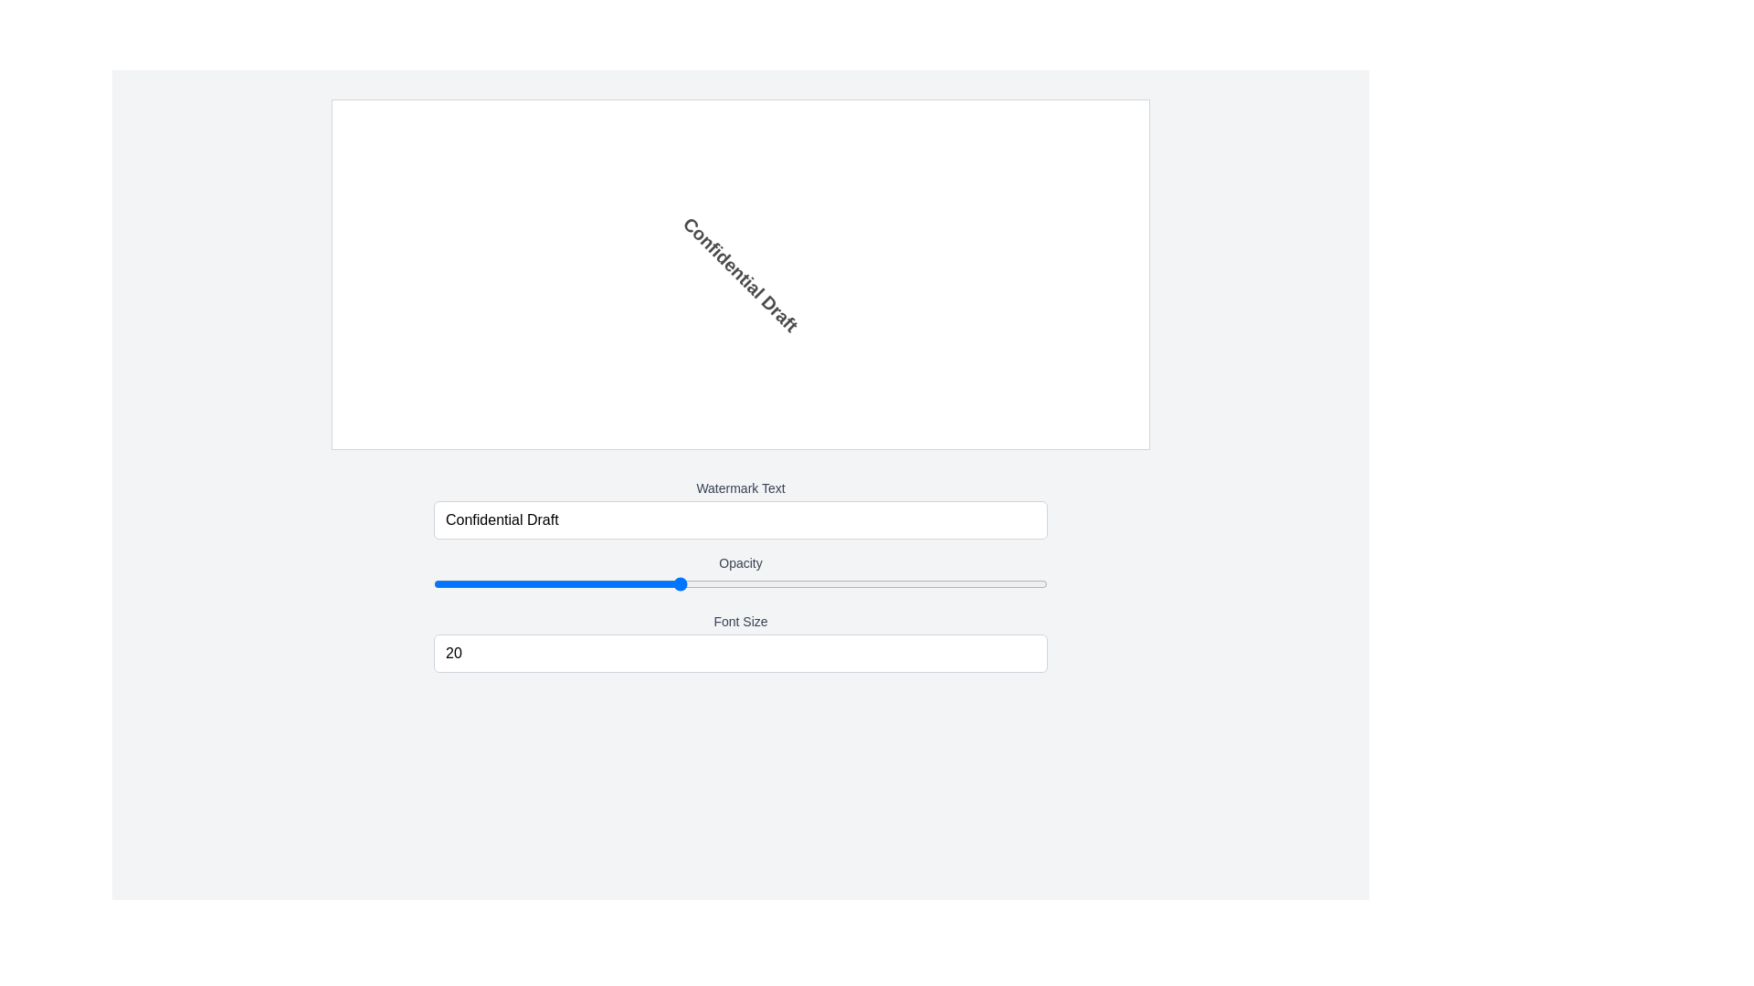 This screenshot has width=1754, height=986. What do you see at coordinates (433, 584) in the screenshot?
I see `opacity` at bounding box center [433, 584].